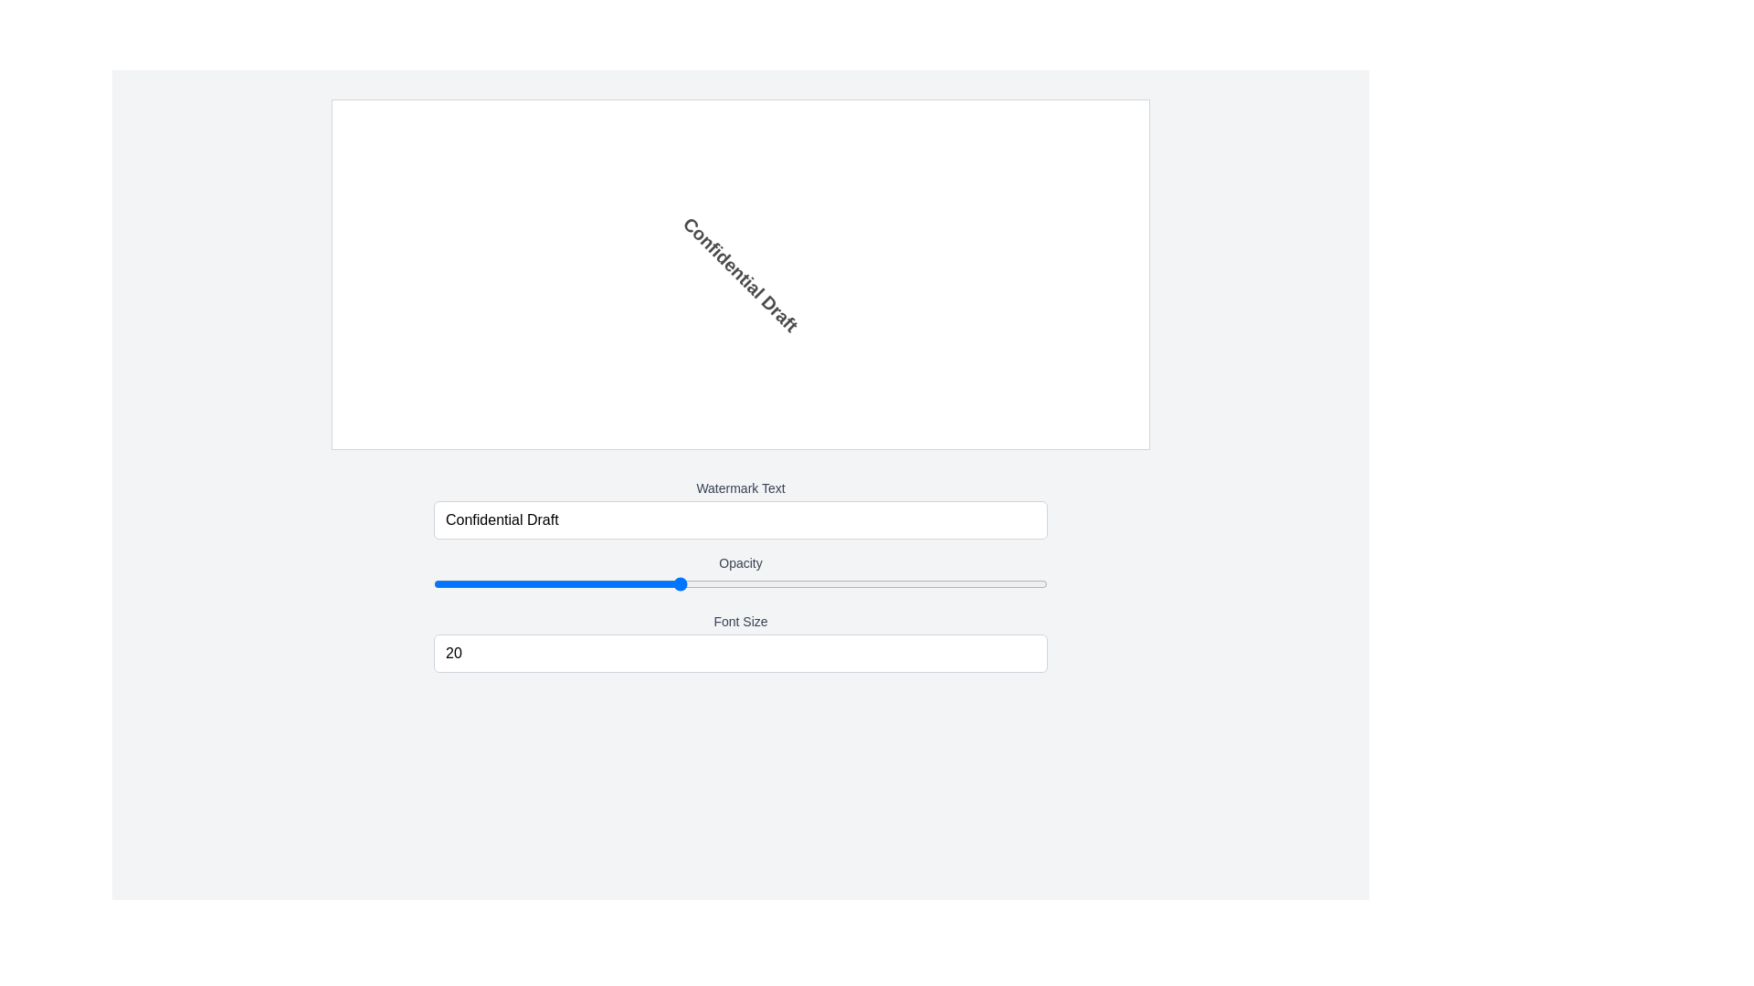 This screenshot has width=1754, height=986. What do you see at coordinates (433, 584) in the screenshot?
I see `opacity` at bounding box center [433, 584].